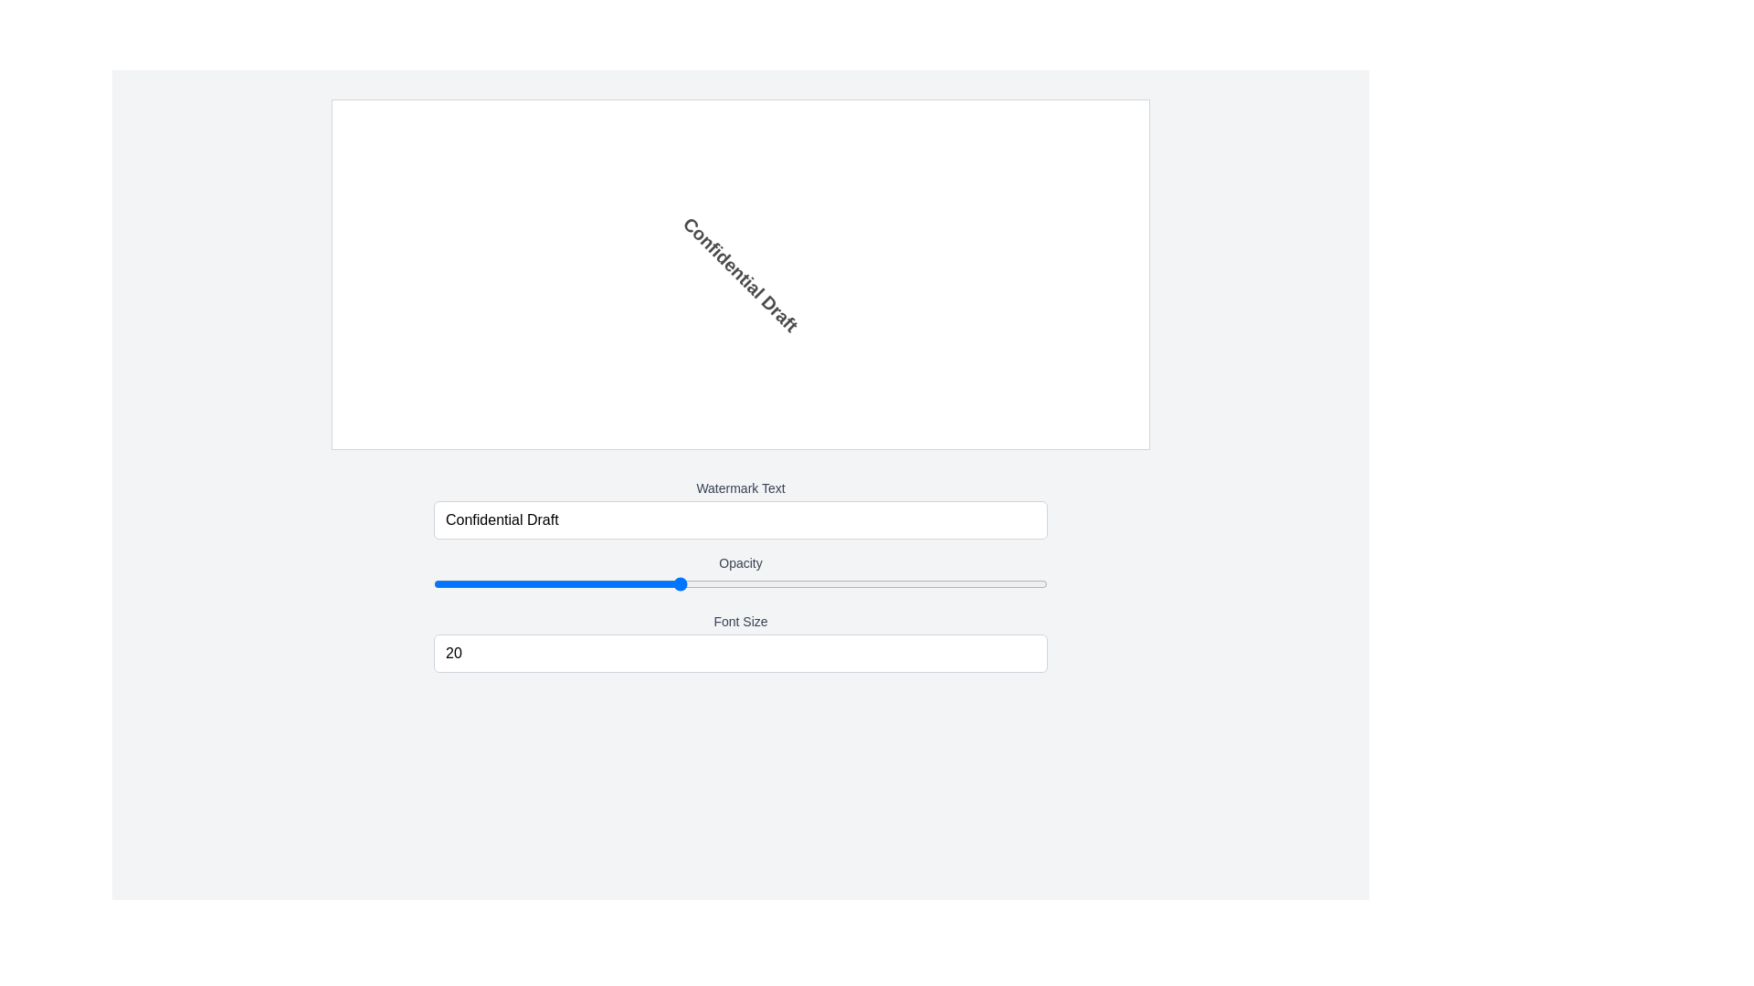 This screenshot has width=1754, height=986. What do you see at coordinates (433, 584) in the screenshot?
I see `opacity` at bounding box center [433, 584].